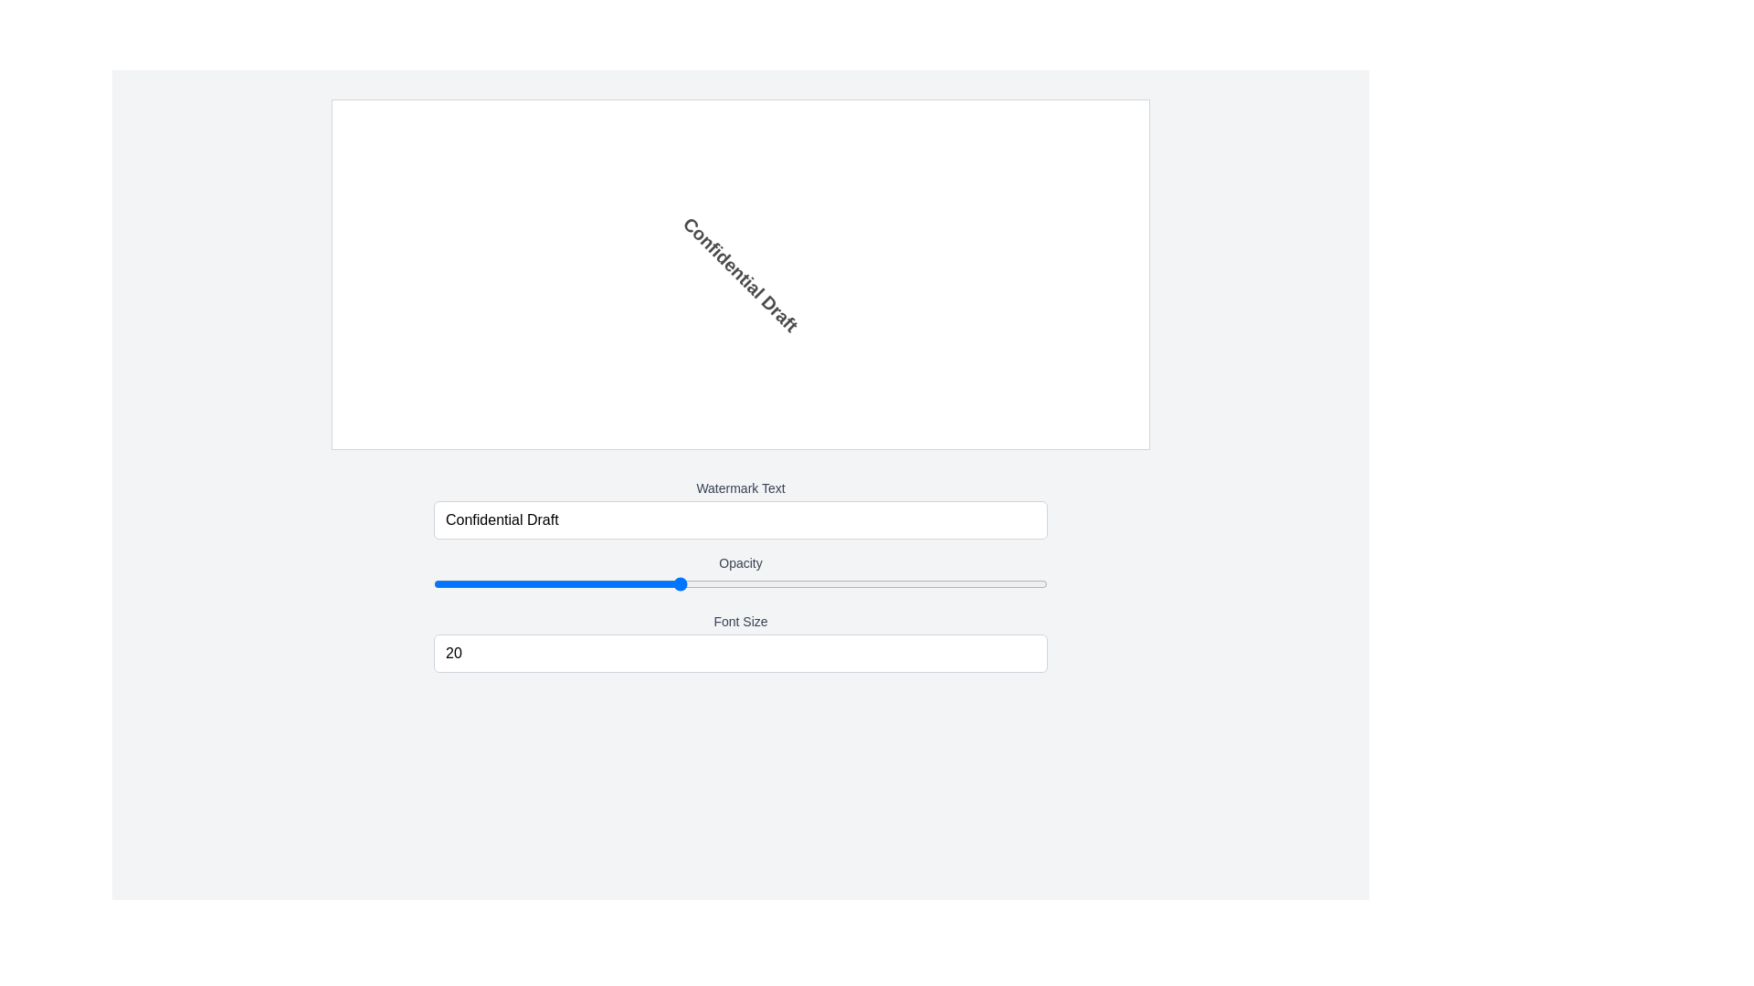 This screenshot has width=1754, height=986. What do you see at coordinates (433, 584) in the screenshot?
I see `opacity` at bounding box center [433, 584].